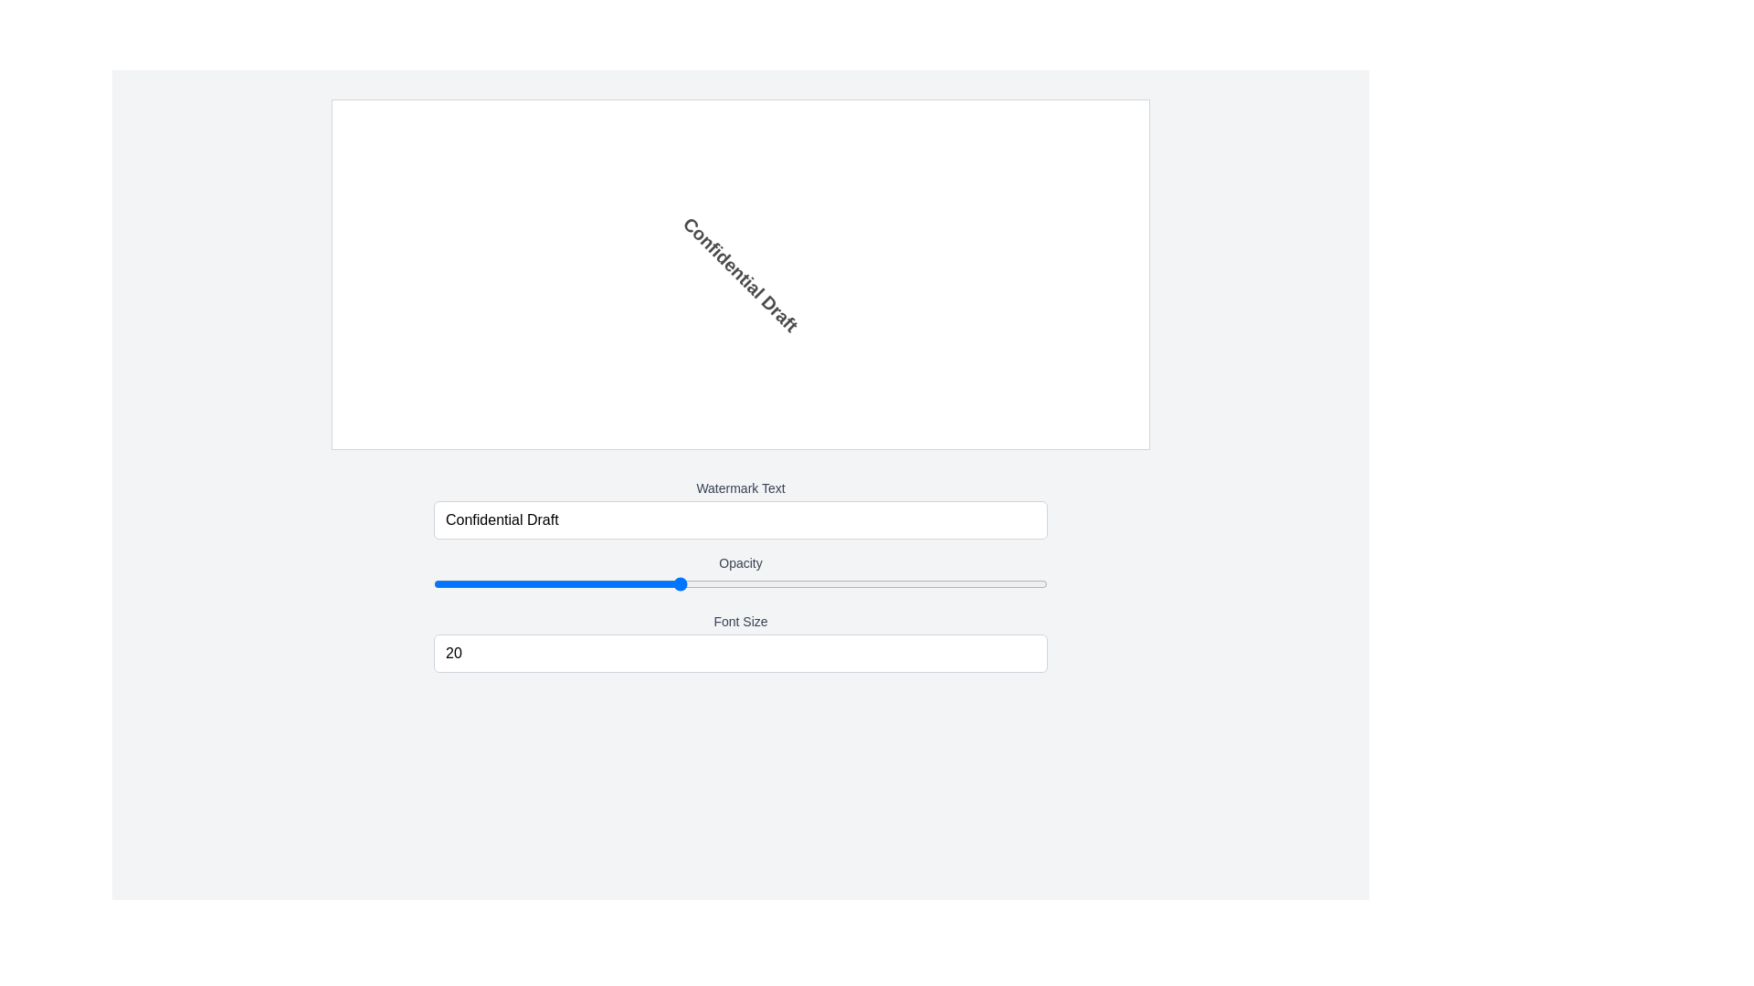 This screenshot has width=1754, height=986. What do you see at coordinates (433, 584) in the screenshot?
I see `opacity` at bounding box center [433, 584].